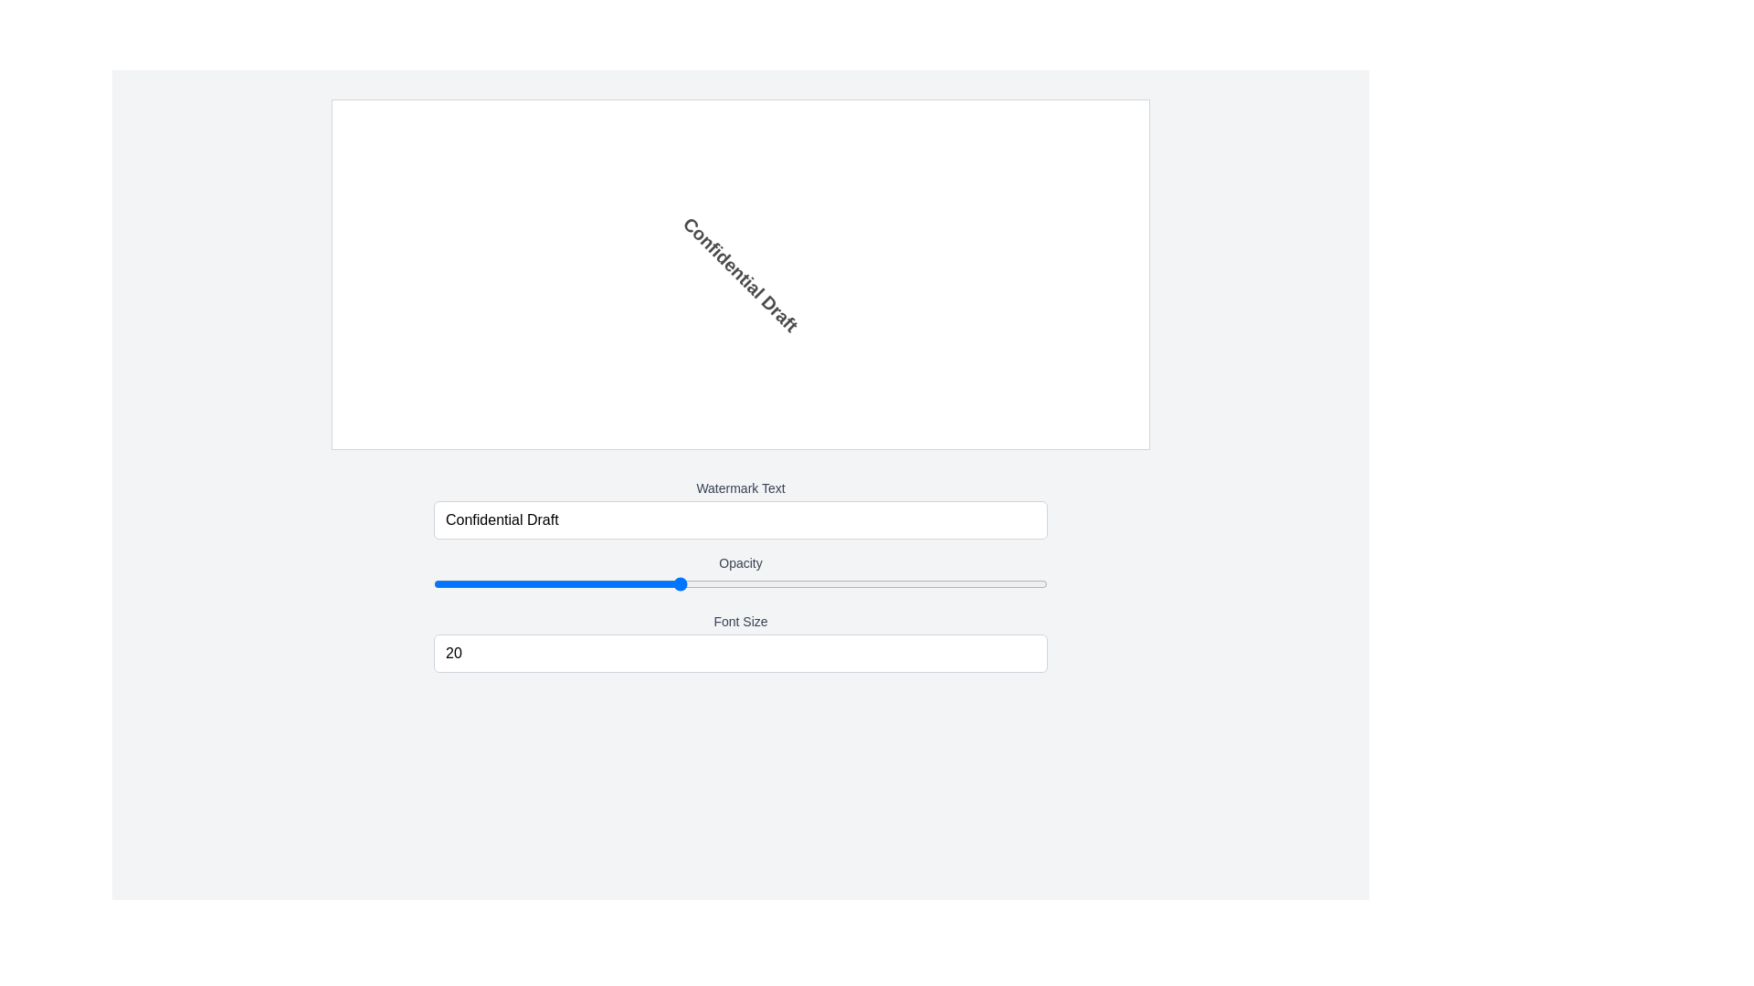 This screenshot has width=1754, height=986. What do you see at coordinates (433, 584) in the screenshot?
I see `opacity` at bounding box center [433, 584].